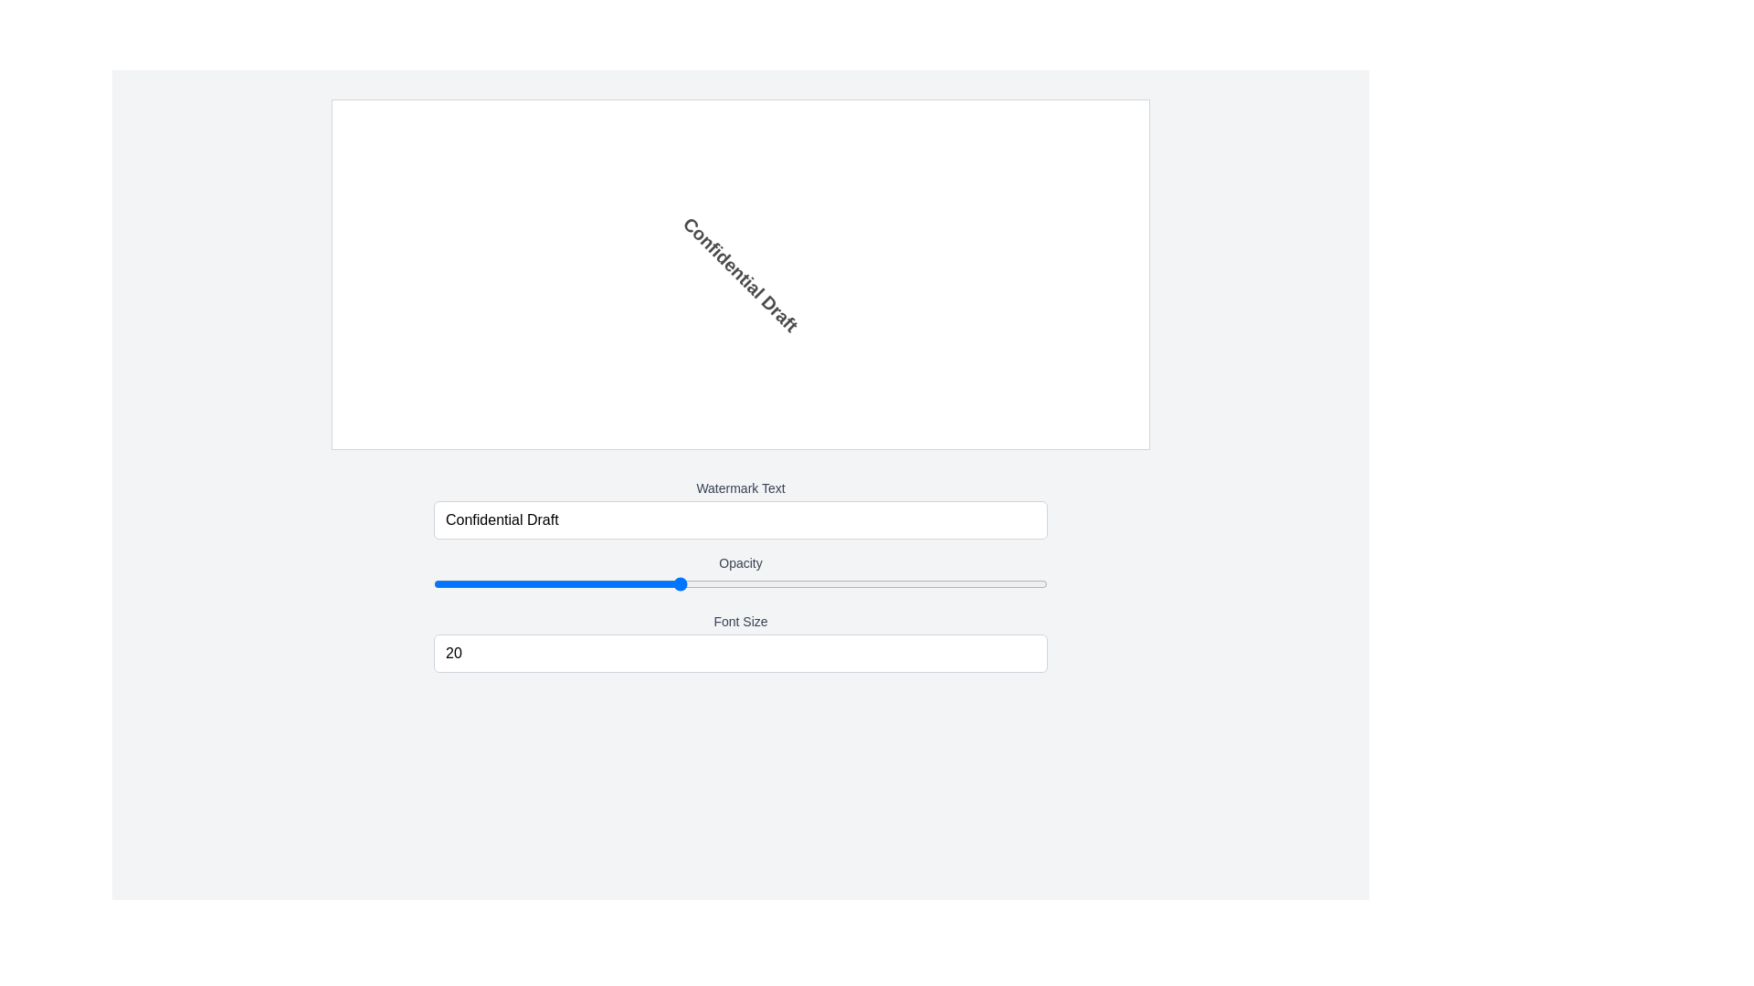 This screenshot has width=1754, height=986. What do you see at coordinates (433, 584) in the screenshot?
I see `opacity` at bounding box center [433, 584].